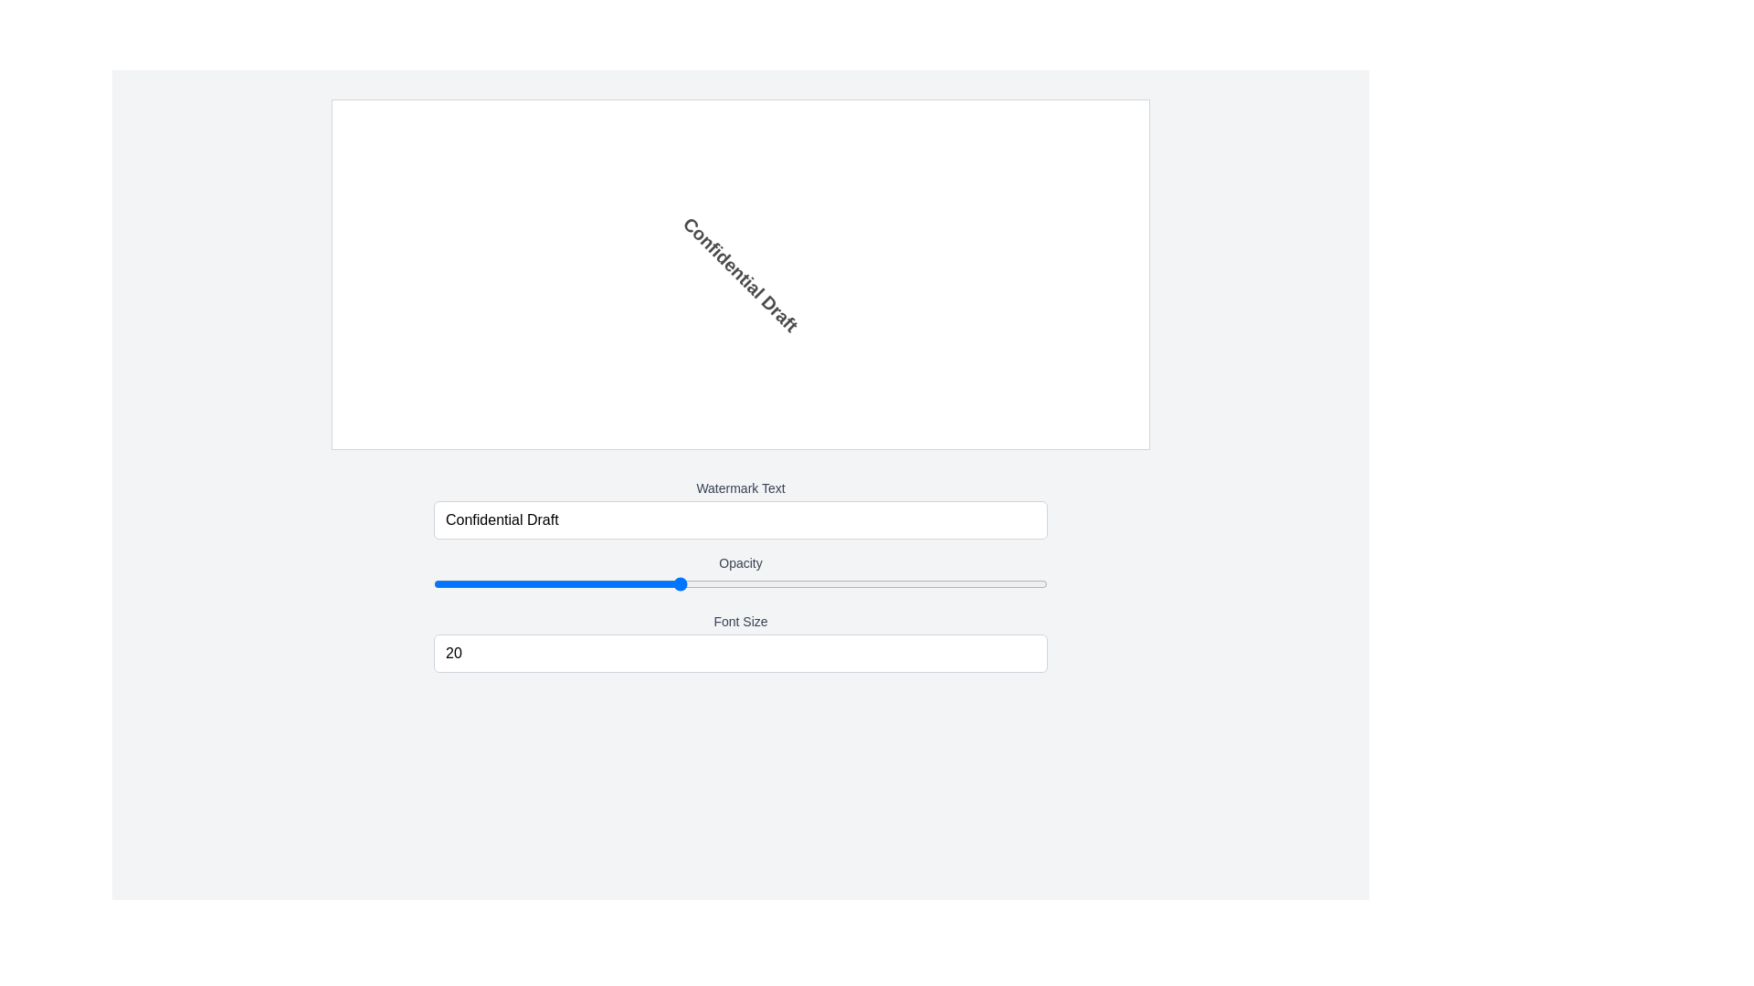 This screenshot has width=1754, height=986. What do you see at coordinates (433, 584) in the screenshot?
I see `opacity` at bounding box center [433, 584].